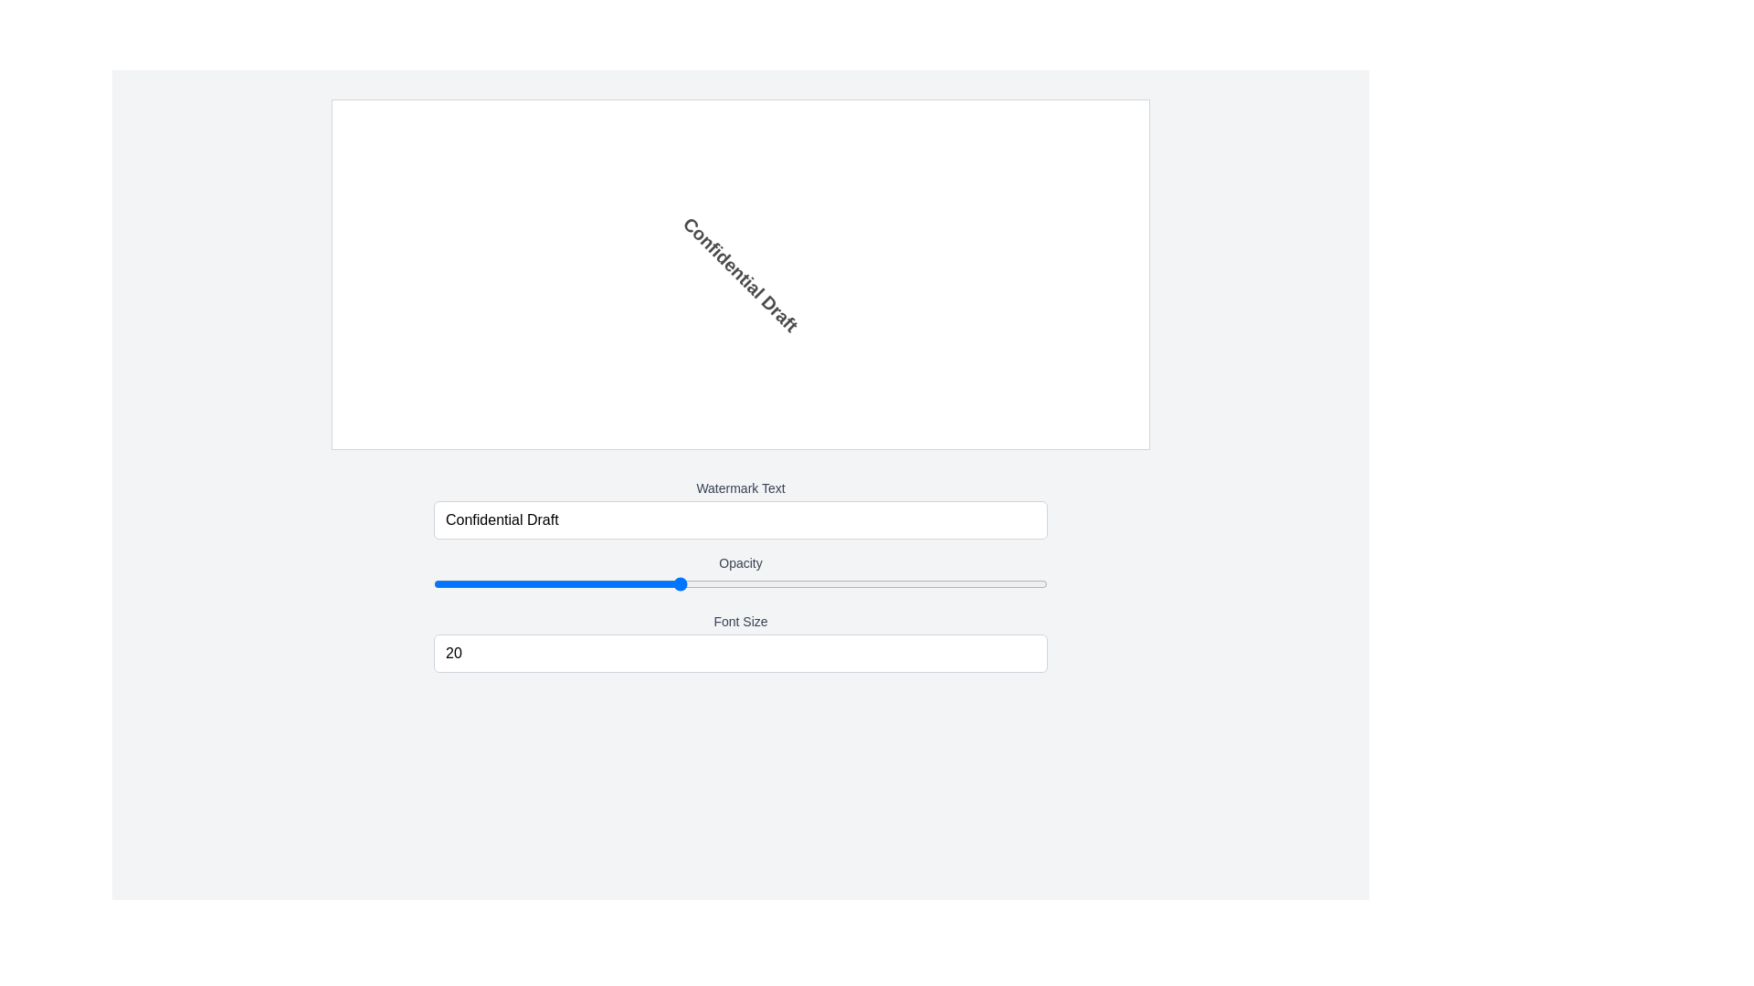 This screenshot has width=1754, height=986. What do you see at coordinates (433, 584) in the screenshot?
I see `opacity` at bounding box center [433, 584].